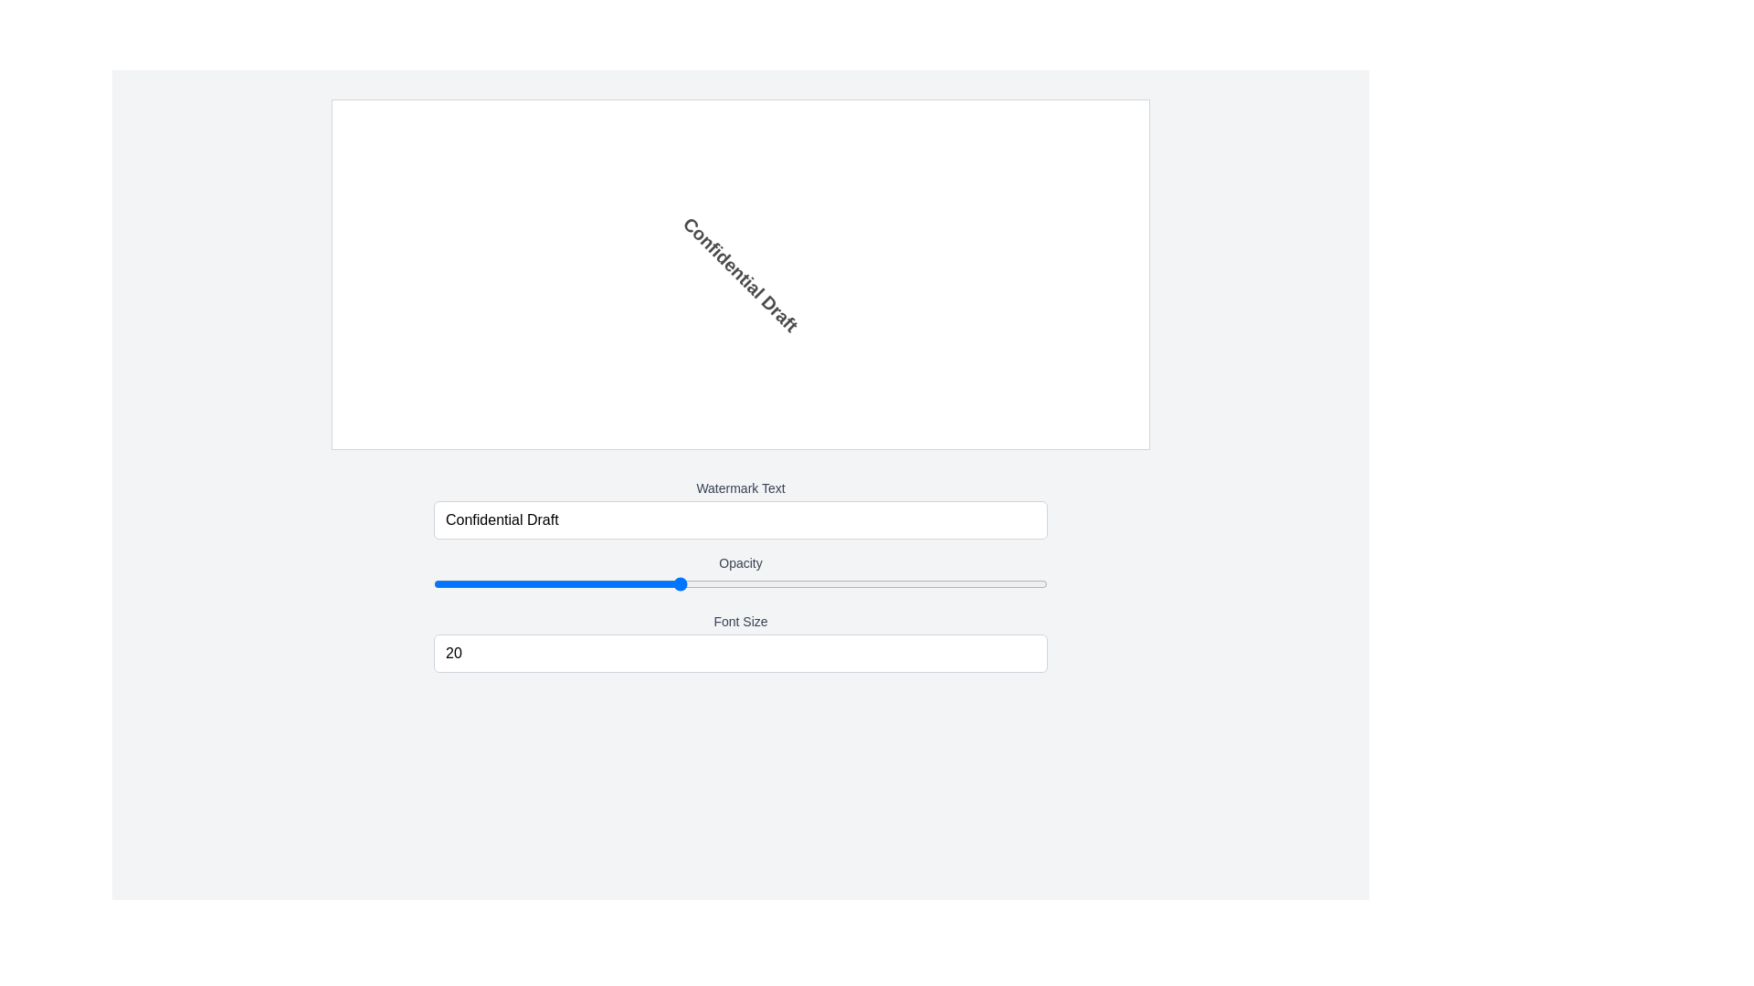 This screenshot has width=1754, height=986. What do you see at coordinates (433, 584) in the screenshot?
I see `opacity` at bounding box center [433, 584].